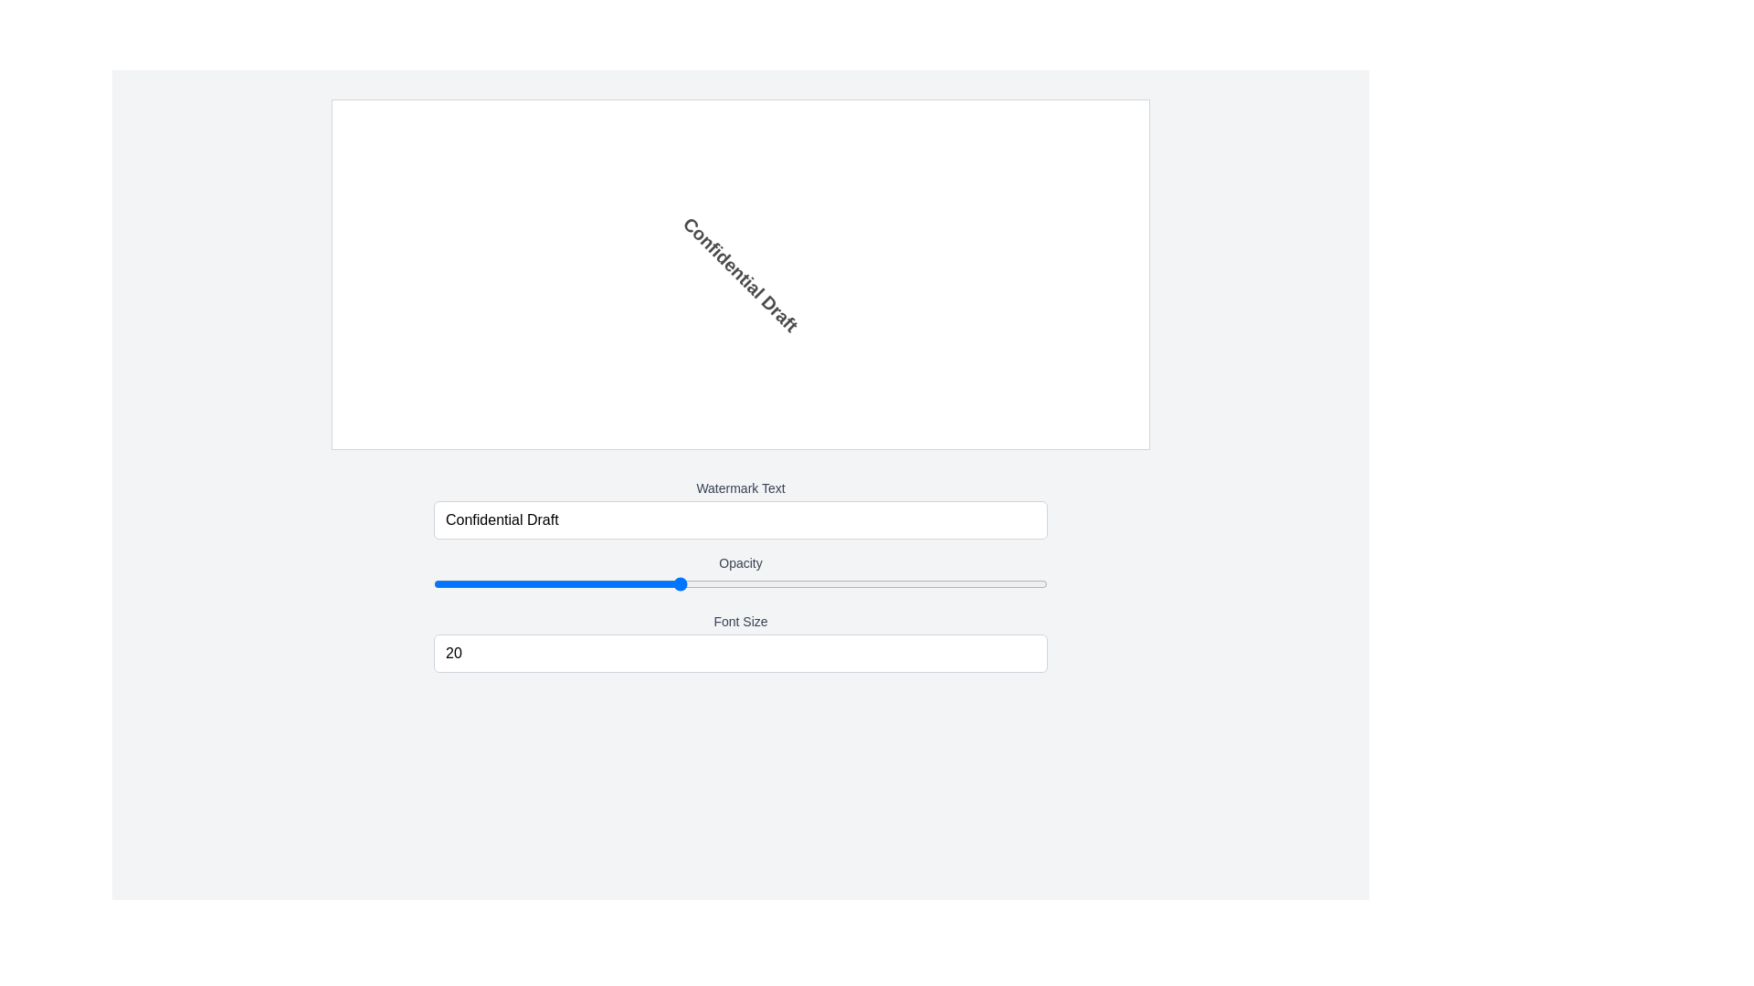 This screenshot has width=1754, height=986. What do you see at coordinates (433, 584) in the screenshot?
I see `opacity` at bounding box center [433, 584].